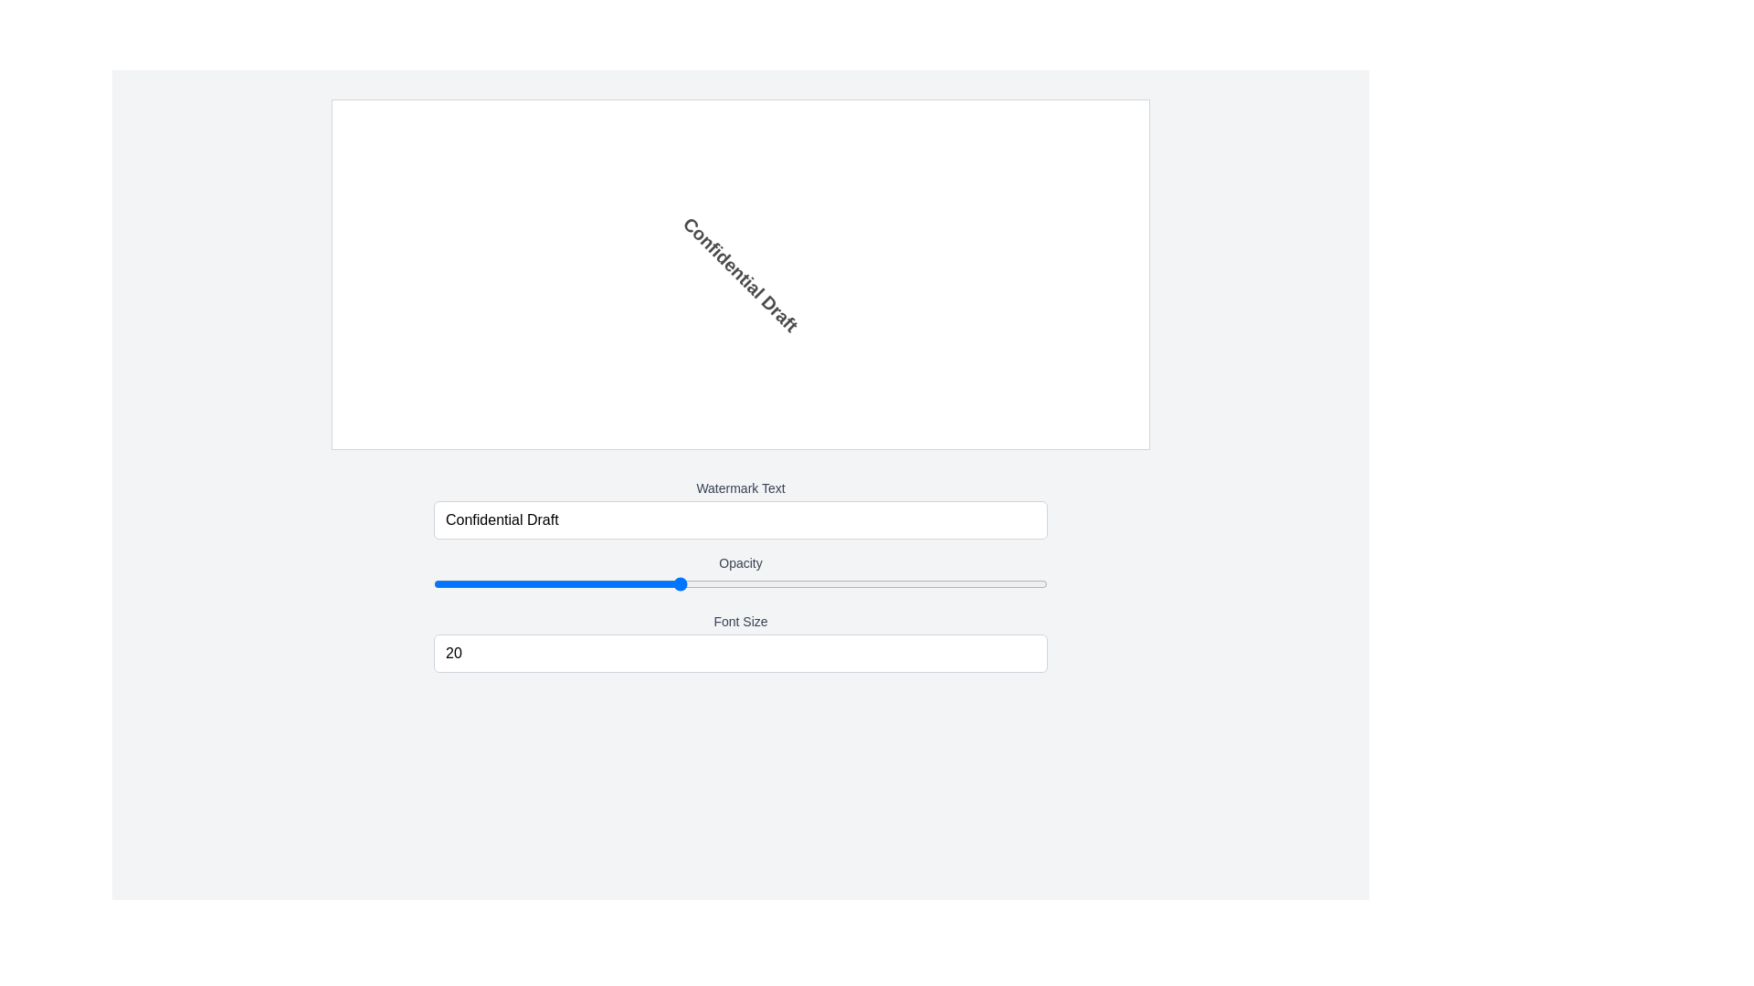 This screenshot has width=1754, height=986. What do you see at coordinates (433, 584) in the screenshot?
I see `opacity` at bounding box center [433, 584].